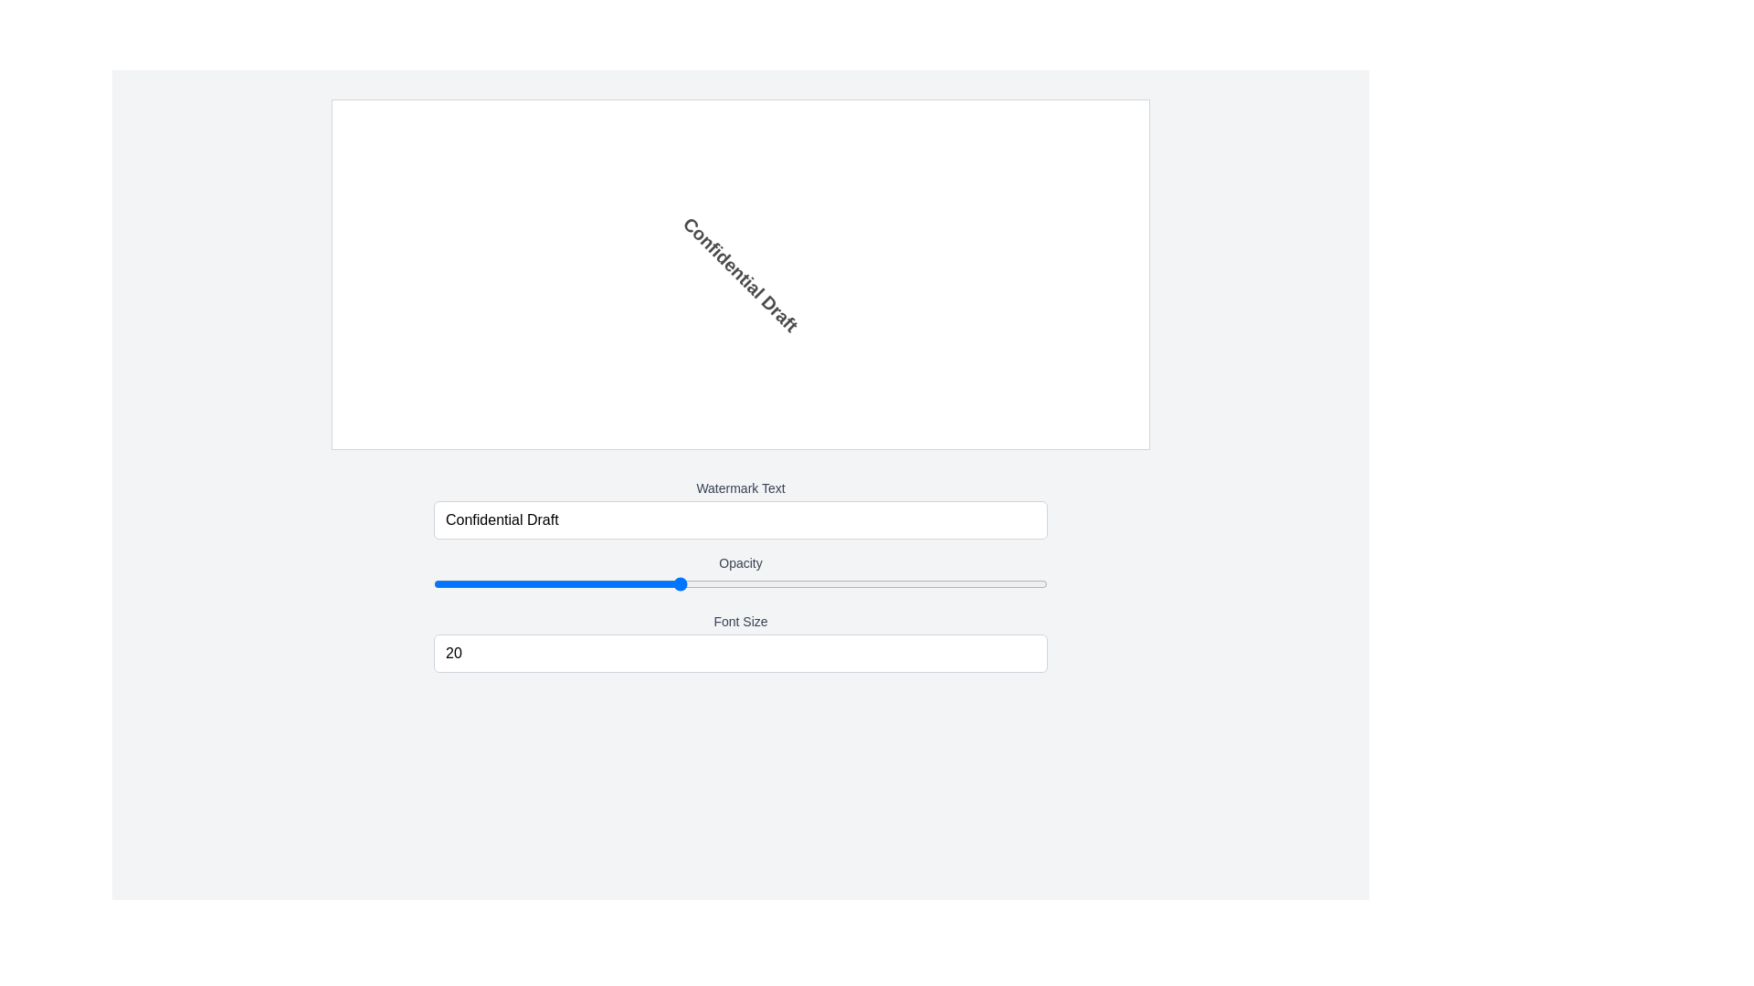 This screenshot has width=1754, height=986. What do you see at coordinates (433, 584) in the screenshot?
I see `opacity` at bounding box center [433, 584].